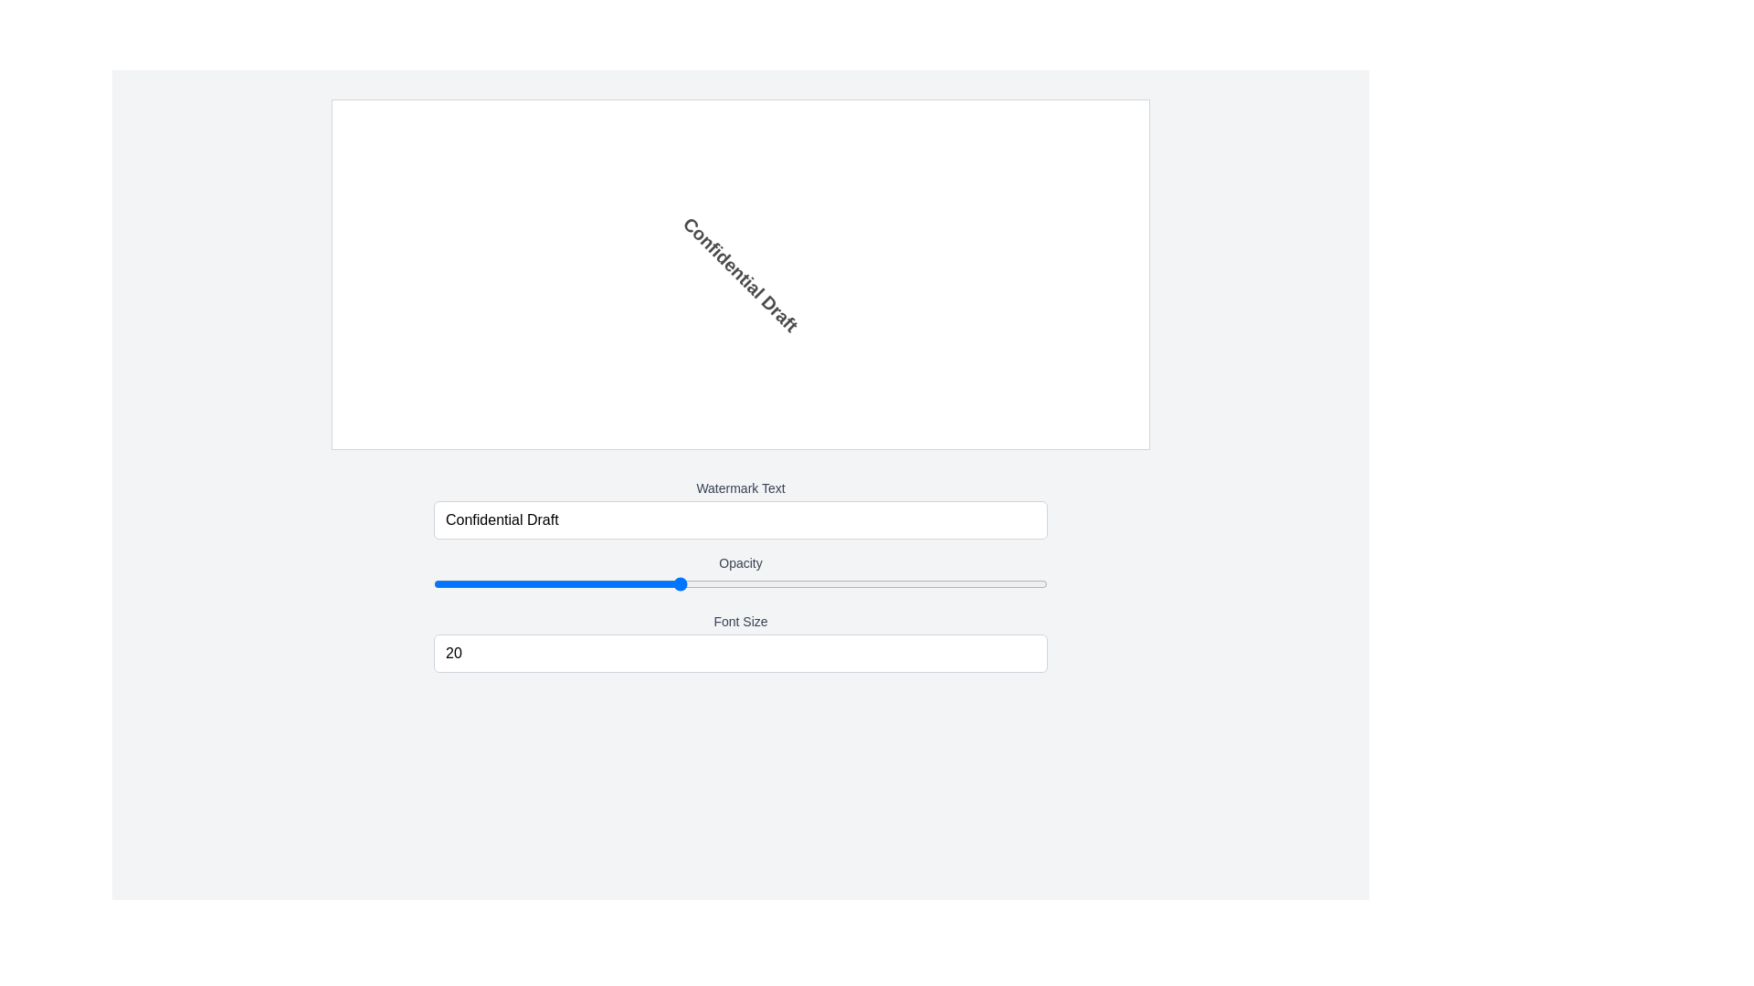 This screenshot has width=1754, height=986. What do you see at coordinates (433, 584) in the screenshot?
I see `opacity` at bounding box center [433, 584].